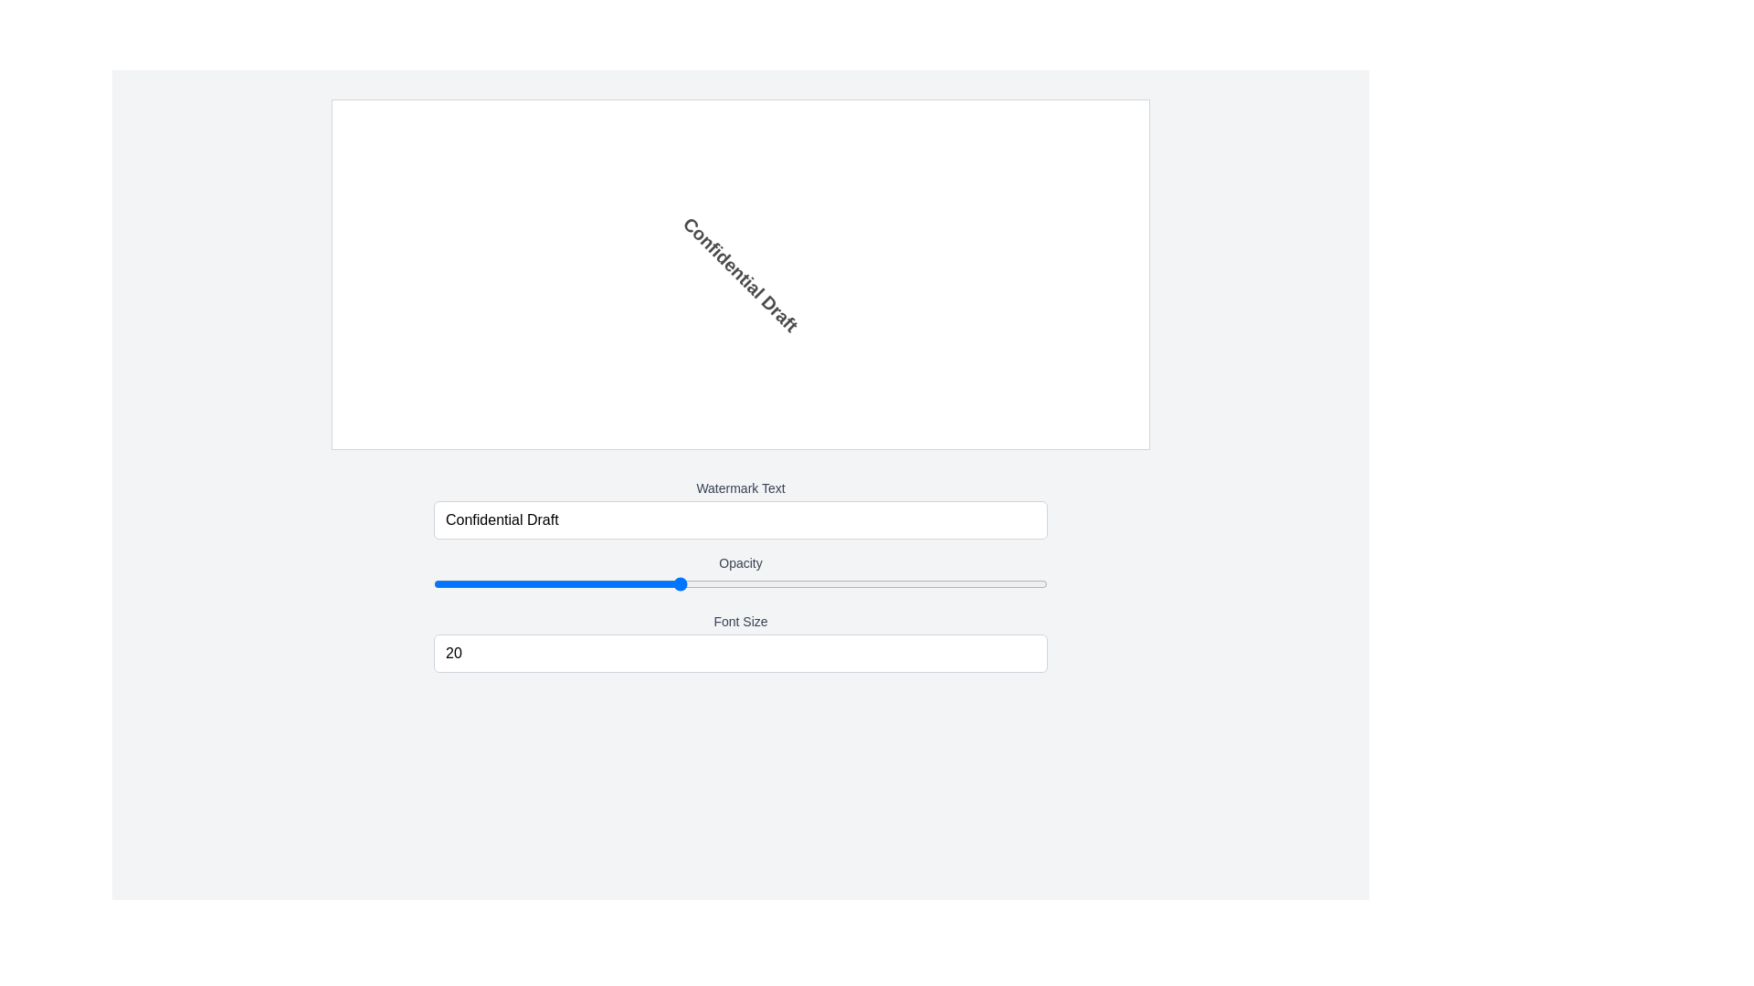 This screenshot has width=1754, height=986. What do you see at coordinates (433, 584) in the screenshot?
I see `opacity` at bounding box center [433, 584].